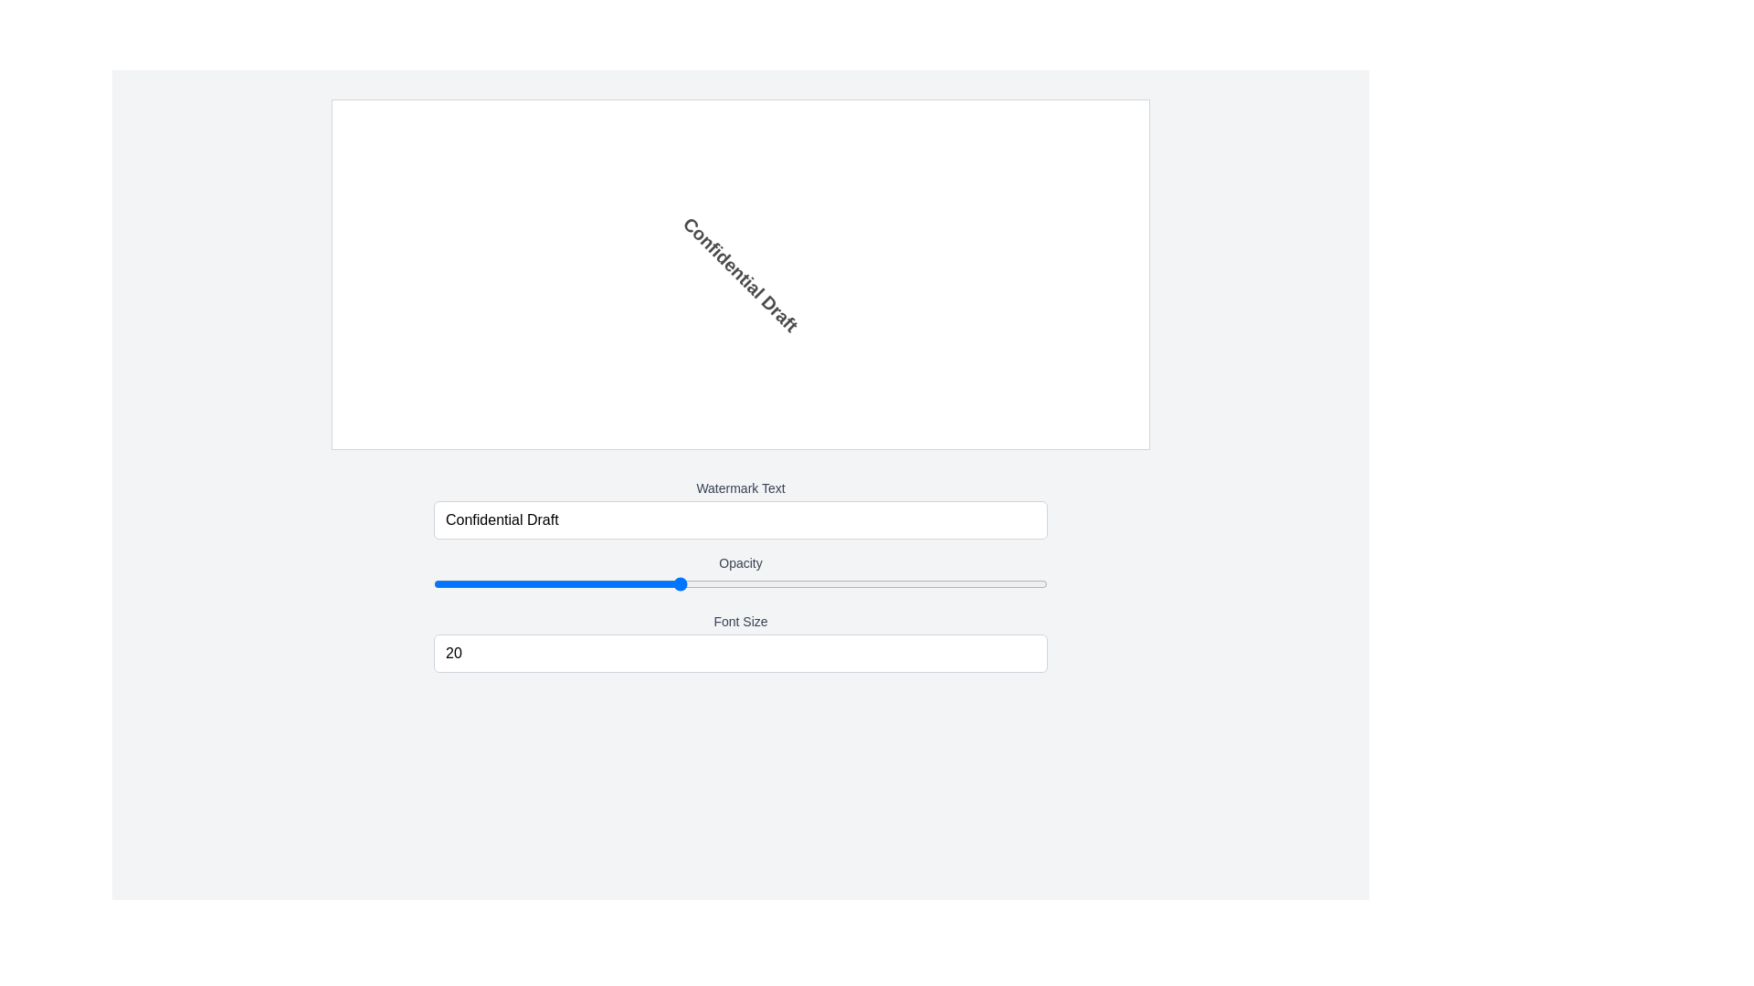 This screenshot has width=1754, height=986. What do you see at coordinates (433, 584) in the screenshot?
I see `opacity` at bounding box center [433, 584].